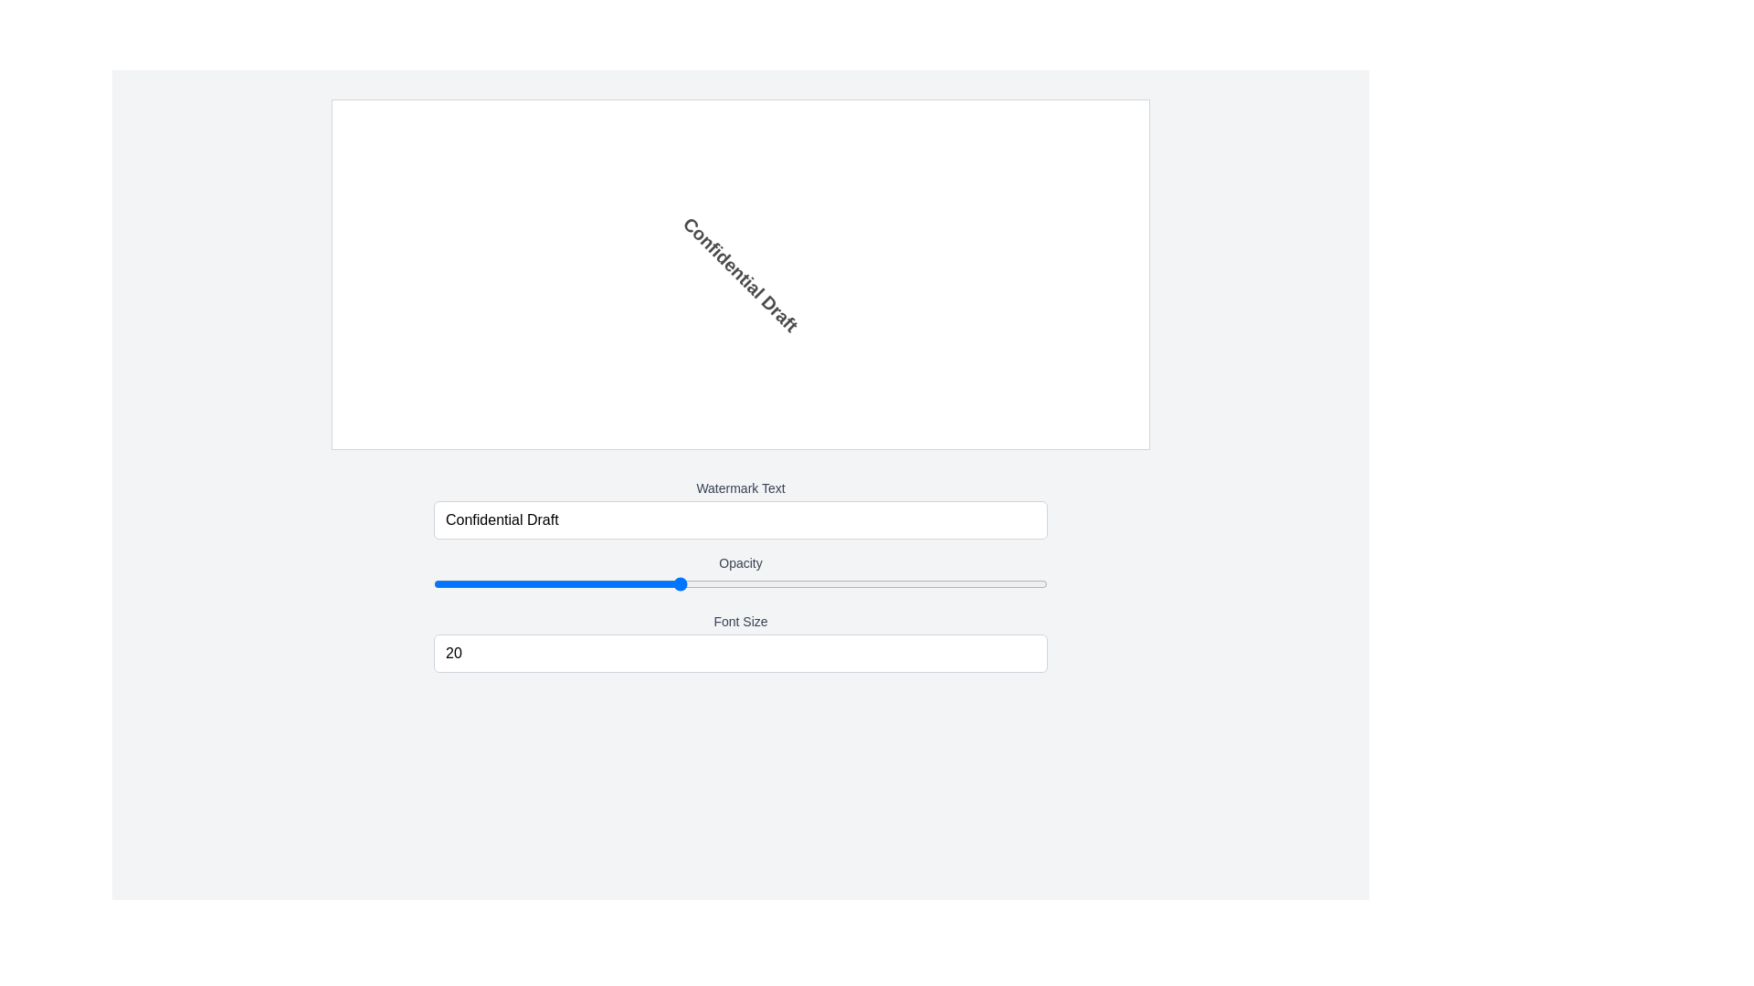 This screenshot has width=1754, height=986. What do you see at coordinates (433, 584) in the screenshot?
I see `opacity` at bounding box center [433, 584].